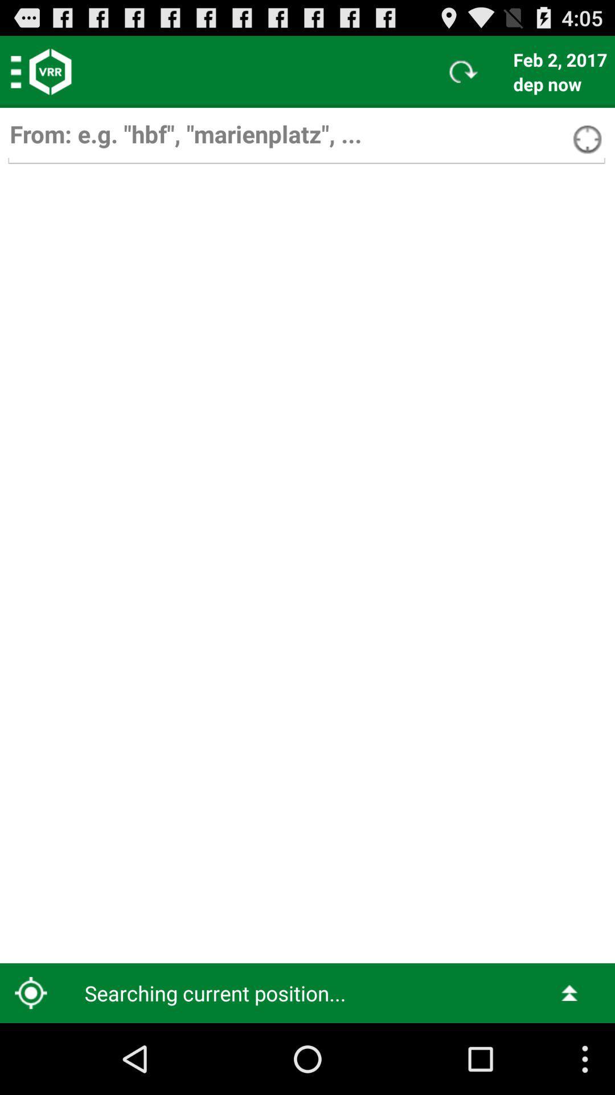 The image size is (615, 1095). Describe the element at coordinates (306, 139) in the screenshot. I see `the item at the top` at that location.